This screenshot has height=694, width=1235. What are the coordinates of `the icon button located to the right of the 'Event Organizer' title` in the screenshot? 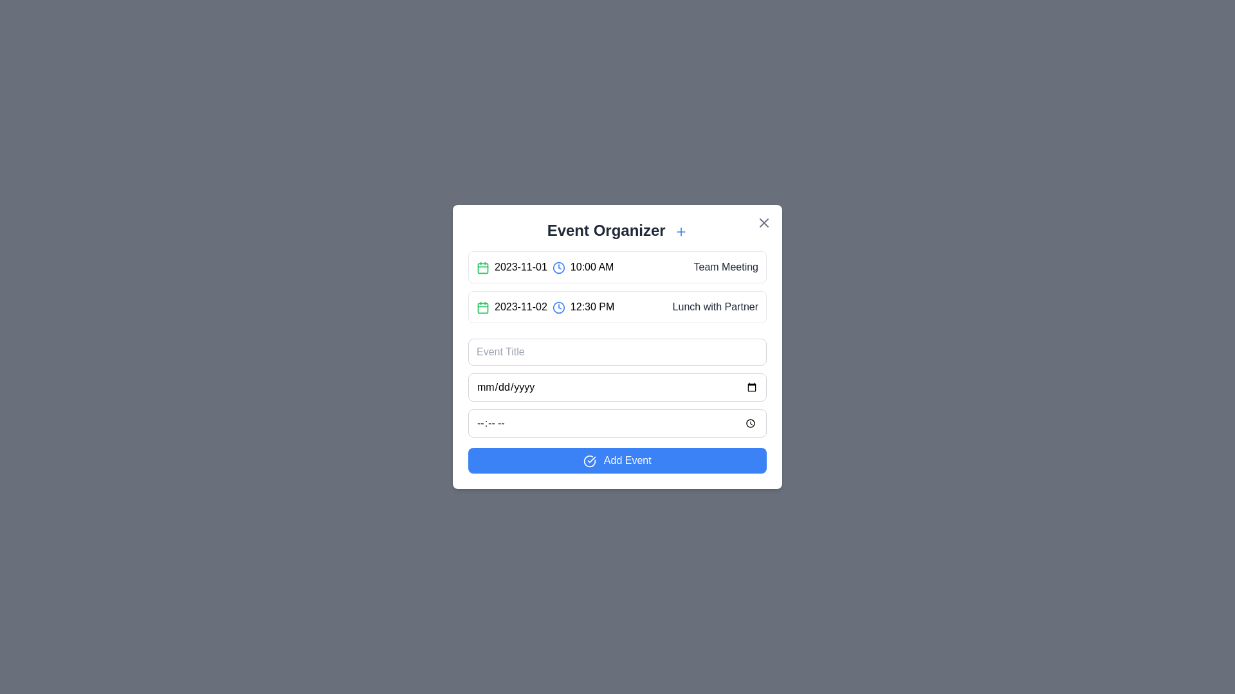 It's located at (681, 231).